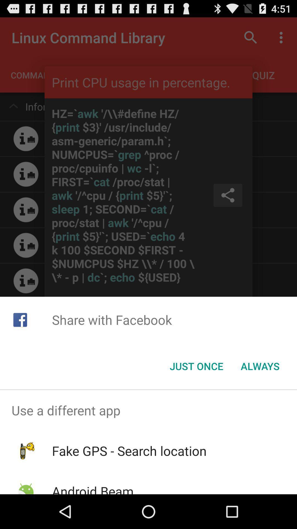  What do you see at coordinates (148, 410) in the screenshot?
I see `app above fake gps search` at bounding box center [148, 410].